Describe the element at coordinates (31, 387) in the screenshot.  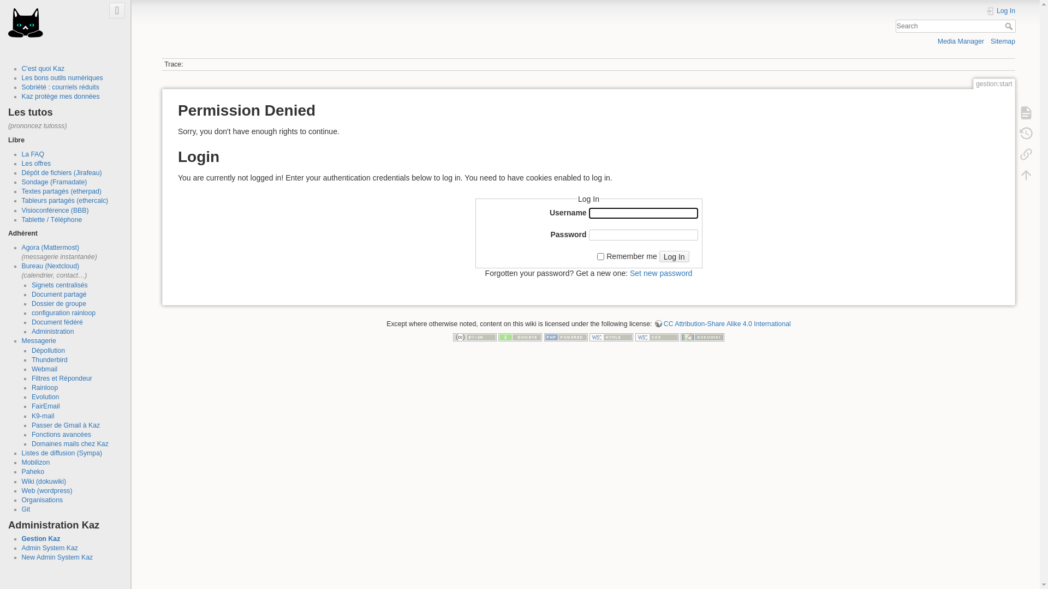
I see `'Rainloop'` at that location.